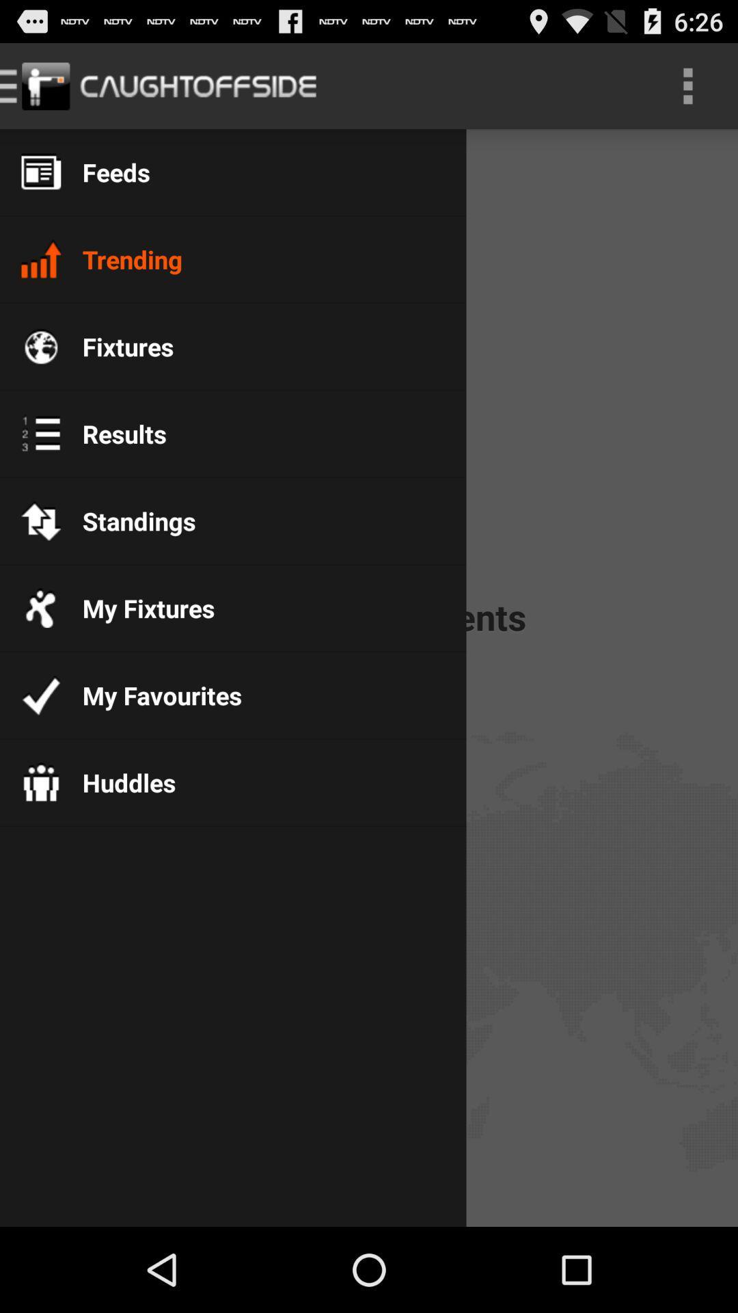  Describe the element at coordinates (40, 172) in the screenshot. I see `the icon which is beside feeds` at that location.